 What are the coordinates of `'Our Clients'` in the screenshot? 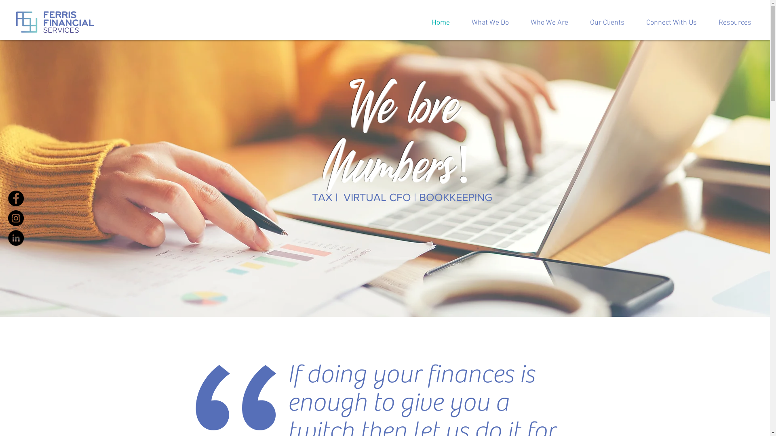 It's located at (607, 22).